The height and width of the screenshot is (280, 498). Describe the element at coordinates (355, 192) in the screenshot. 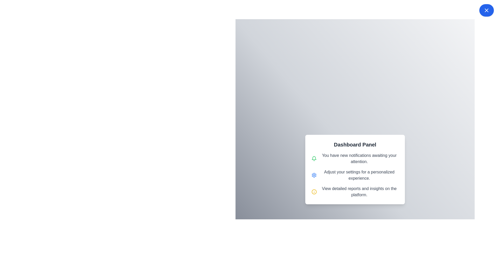

I see `the text label with the circular info icon that reads 'View detailed reports and insights on the platform.'` at that location.